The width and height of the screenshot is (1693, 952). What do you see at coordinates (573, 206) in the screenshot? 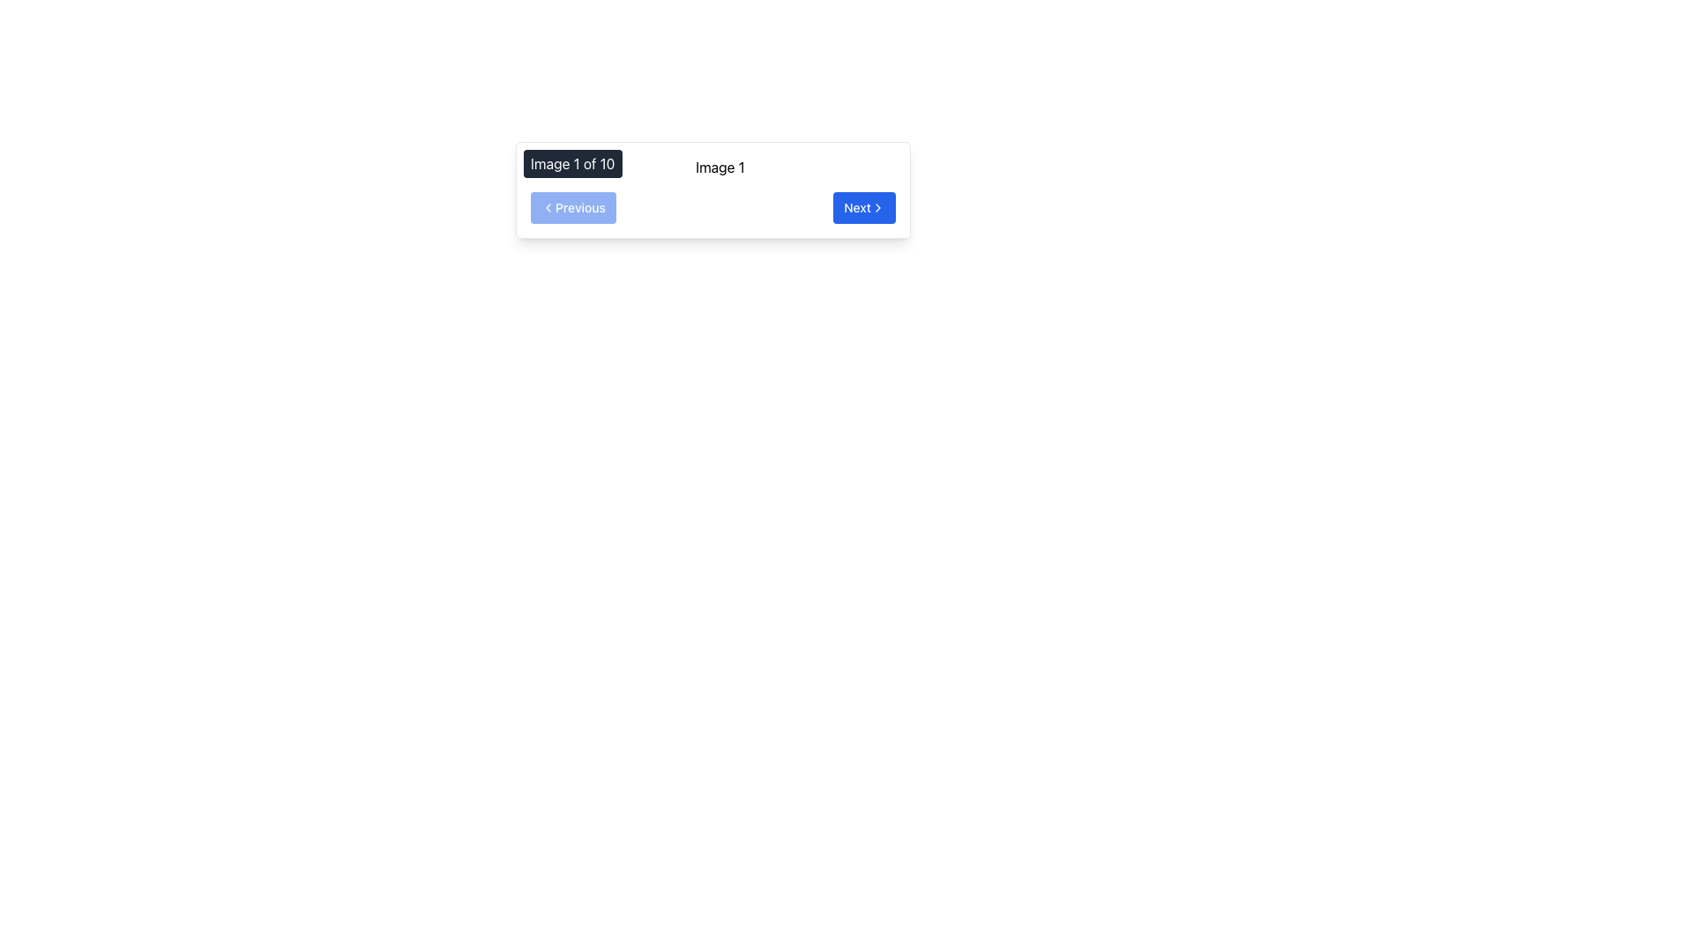
I see `the leftmost navigation button used to move to the previous item in a sequence for keyboard navigation` at bounding box center [573, 206].